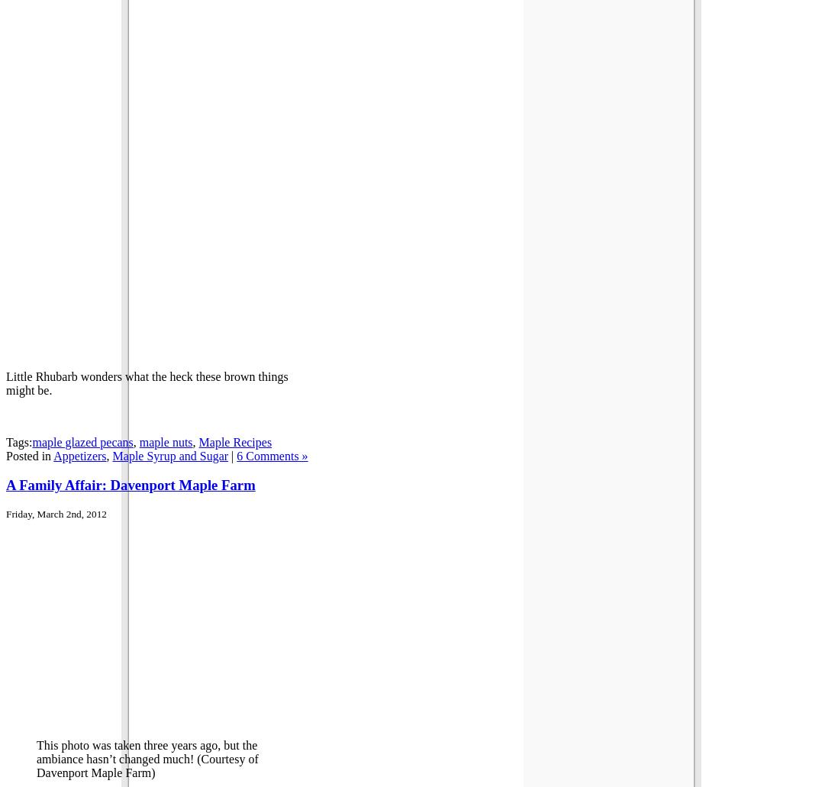 Image resolution: width=822 pixels, height=787 pixels. I want to click on '6 Comments »', so click(271, 454).